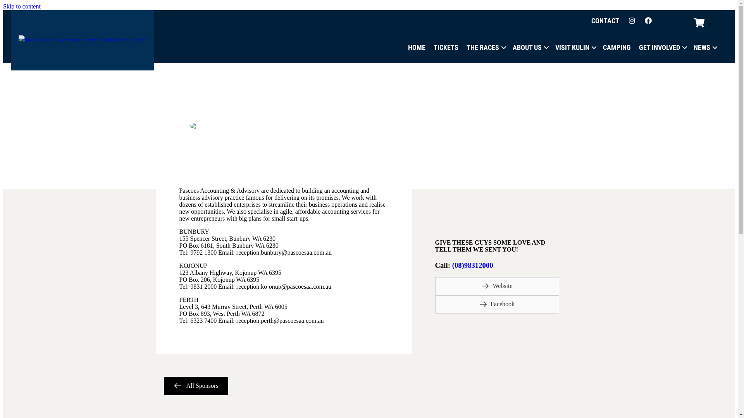 The image size is (744, 418). Describe the element at coordinates (529, 48) in the screenshot. I see `'ABOUT US'` at that location.